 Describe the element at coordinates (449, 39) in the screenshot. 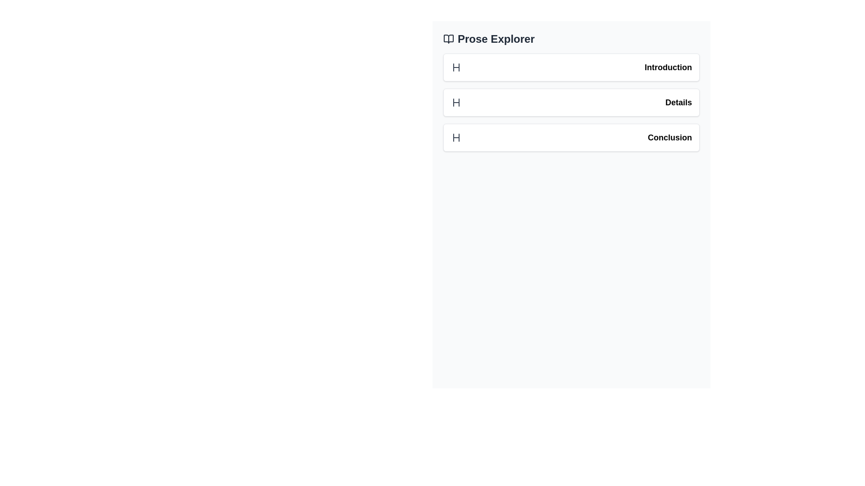

I see `the SVG graphical element that represents a book's details, located near the top-left corner of the interface` at that location.